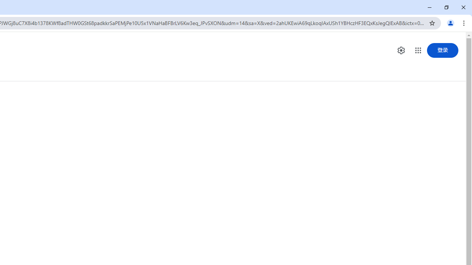 The image size is (472, 265). I want to click on 'You', so click(450, 22).